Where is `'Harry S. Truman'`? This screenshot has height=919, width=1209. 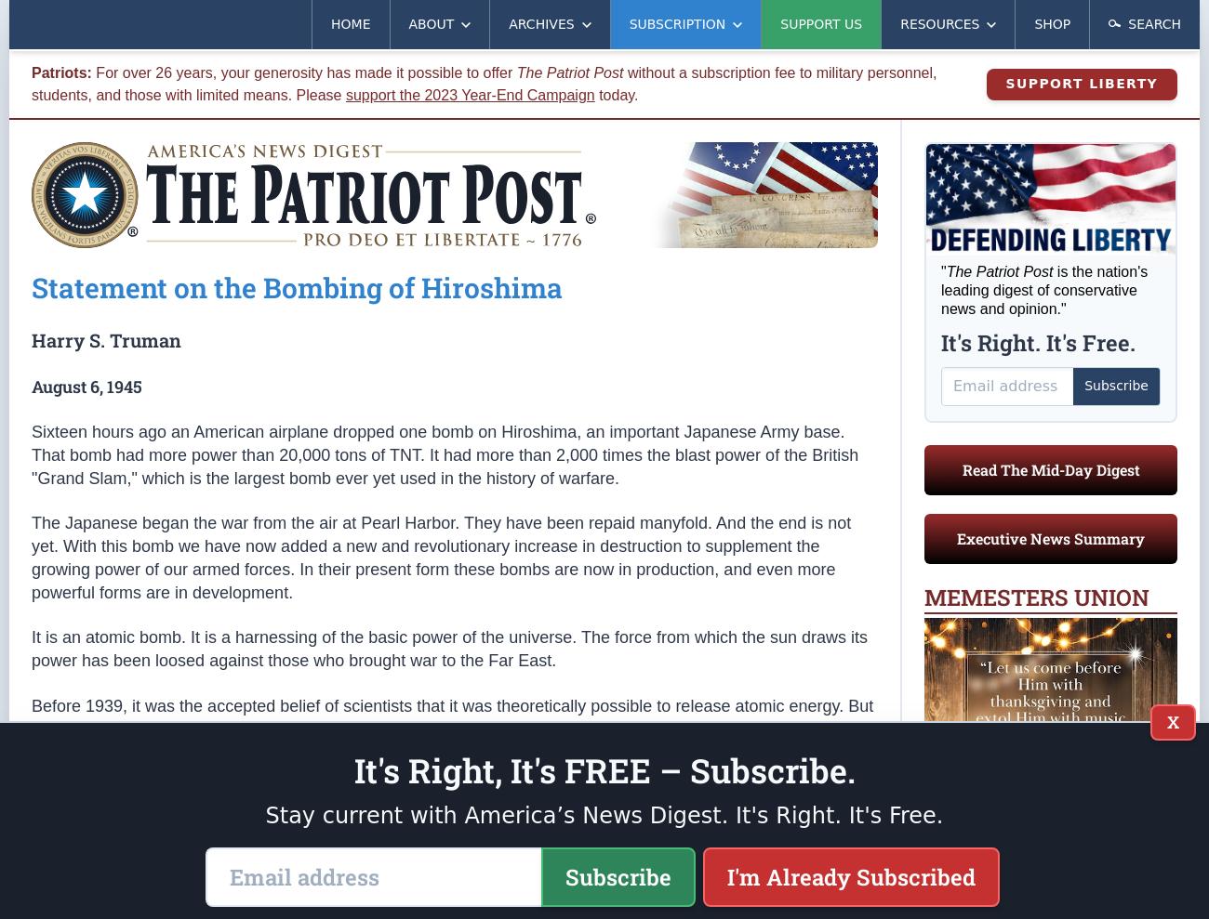 'Harry S. Truman' is located at coordinates (105, 338).